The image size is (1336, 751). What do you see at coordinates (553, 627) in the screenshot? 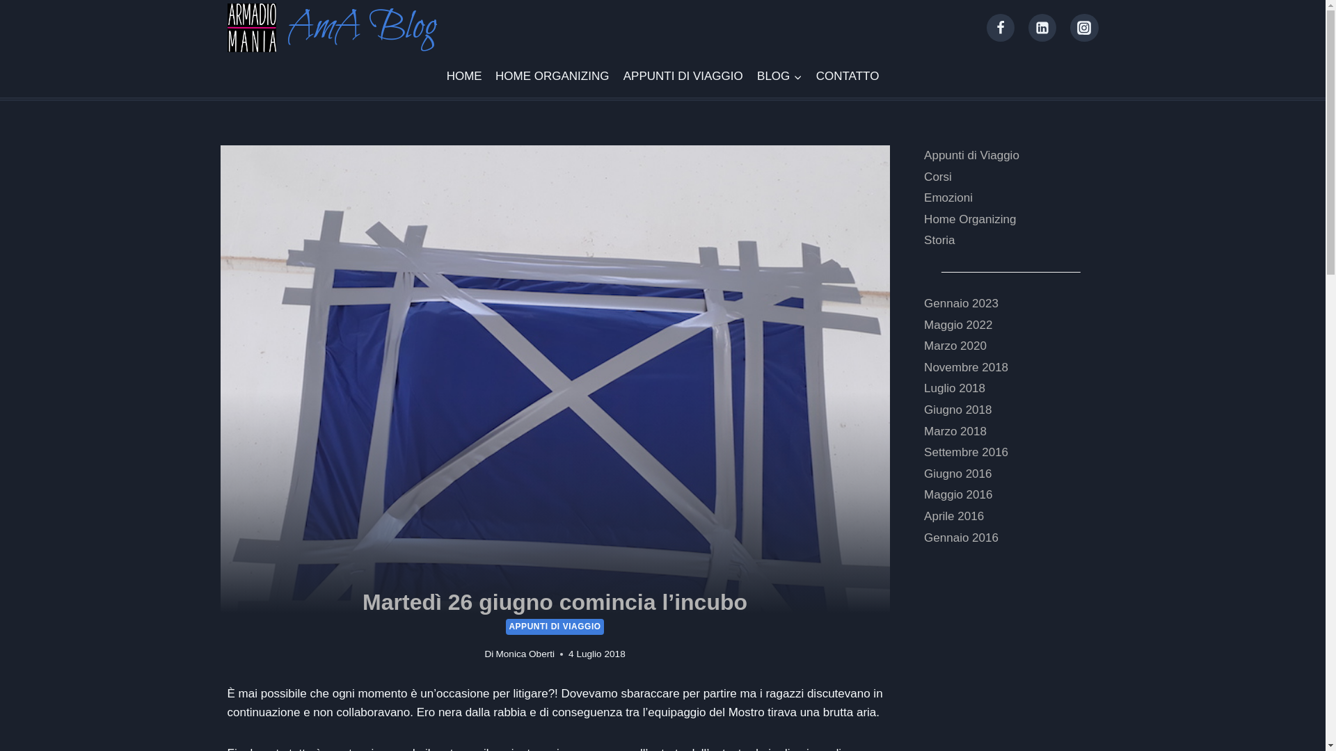
I see `'APPUNTI DI VIAGGIO'` at bounding box center [553, 627].